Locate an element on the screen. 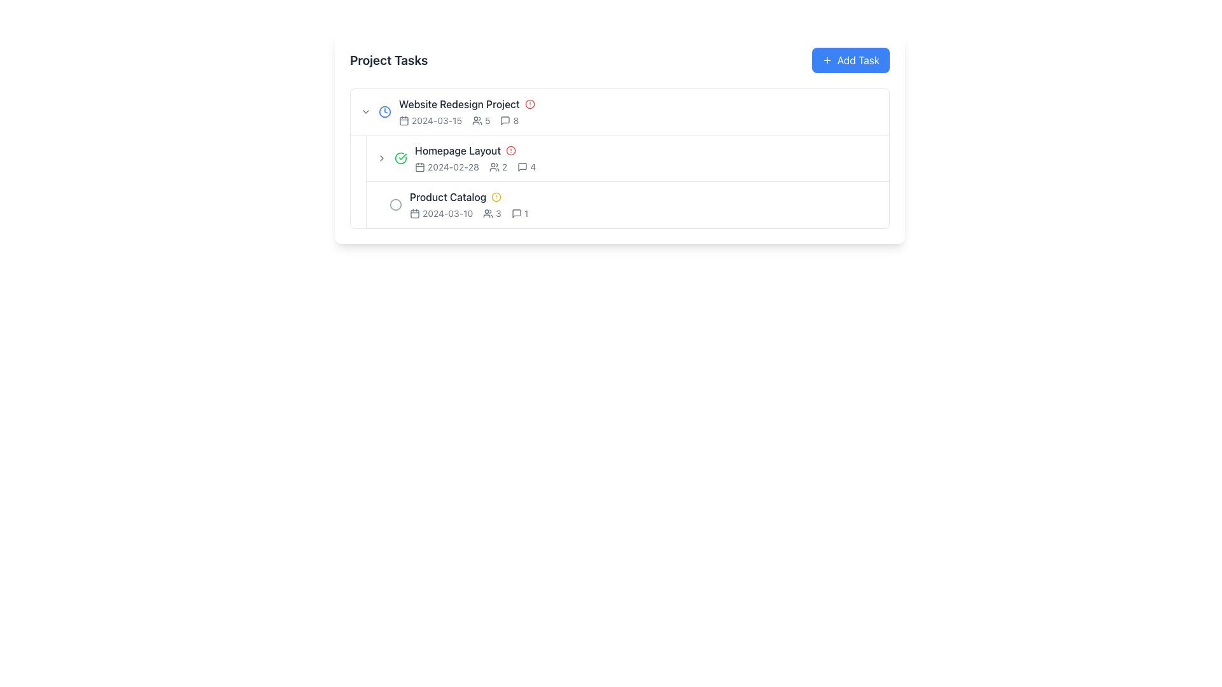  the list item titled 'Homepage Layout' is located at coordinates (628, 158).